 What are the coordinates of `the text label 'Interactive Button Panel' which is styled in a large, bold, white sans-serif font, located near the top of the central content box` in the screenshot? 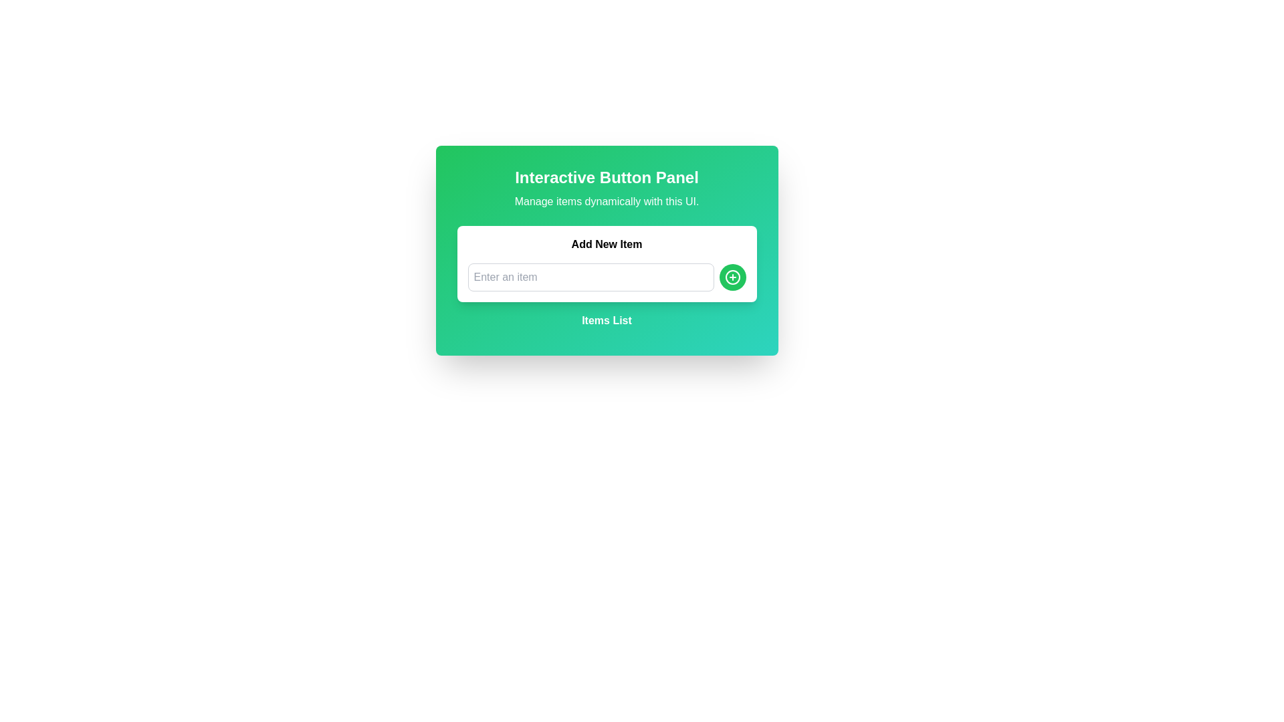 It's located at (606, 177).